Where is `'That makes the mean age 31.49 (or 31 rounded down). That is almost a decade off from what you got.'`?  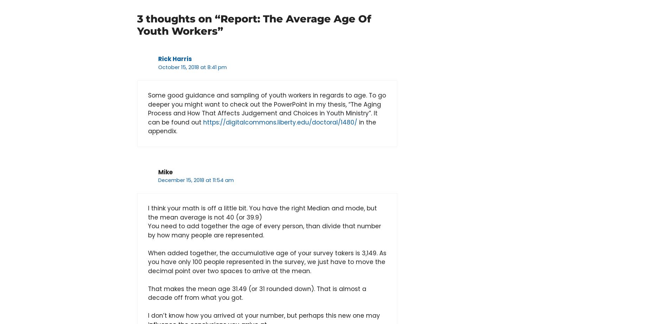 'That makes the mean age 31.49 (or 31 rounded down). That is almost a decade off from what you got.' is located at coordinates (148, 293).